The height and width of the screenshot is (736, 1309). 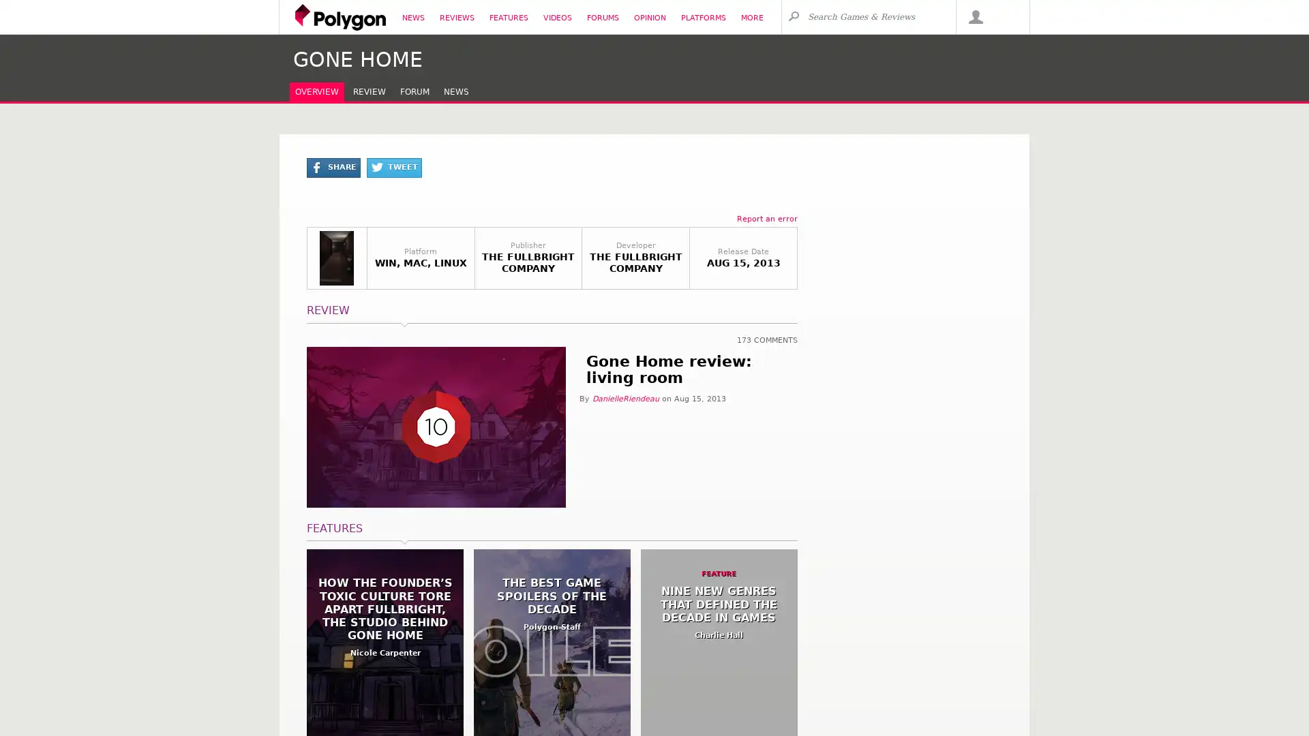 What do you see at coordinates (793, 16) in the screenshot?
I see `search` at bounding box center [793, 16].